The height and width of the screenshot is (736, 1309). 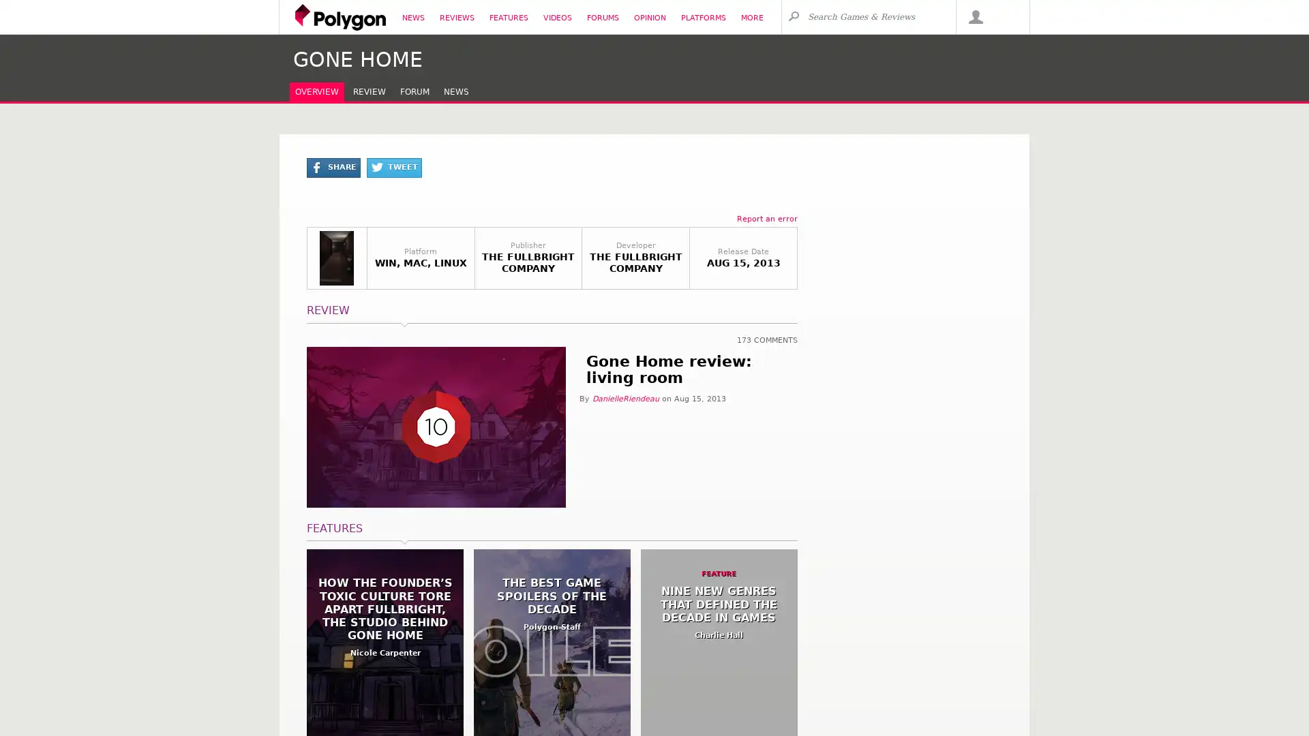 What do you see at coordinates (793, 16) in the screenshot?
I see `search` at bounding box center [793, 16].